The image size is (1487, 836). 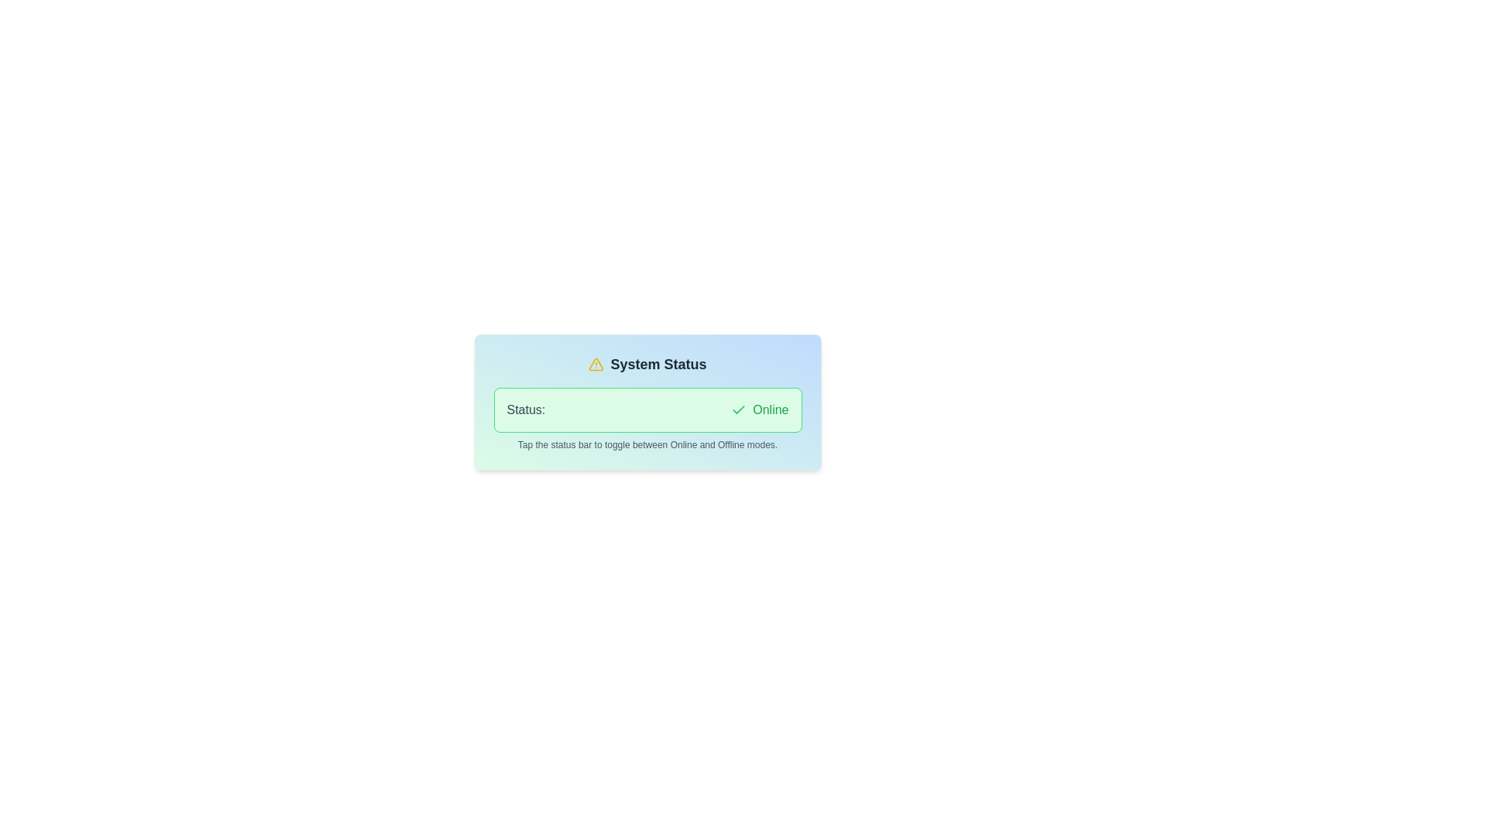 I want to click on the outlined triangle icon, which serves as an alert indicator and is positioned centrally above the label 'System Status', so click(x=596, y=364).